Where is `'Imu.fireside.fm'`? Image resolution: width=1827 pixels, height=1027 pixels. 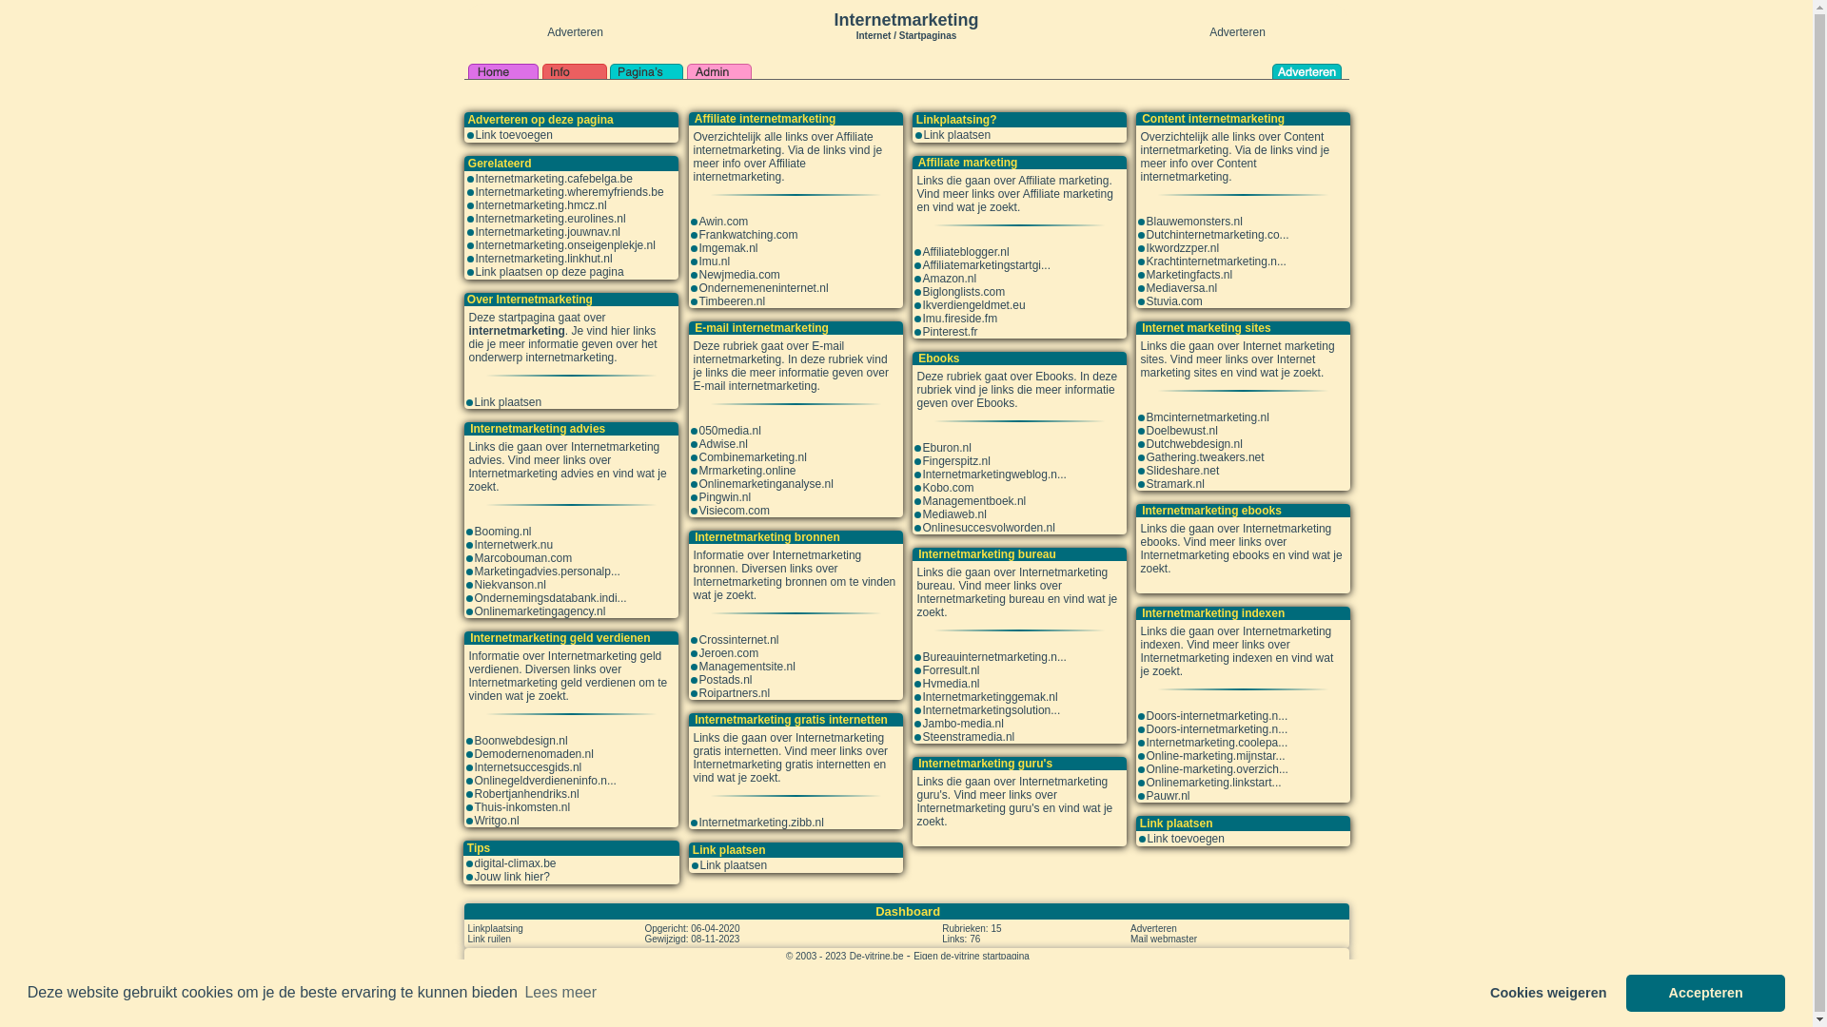 'Imu.fireside.fm' is located at coordinates (960, 318).